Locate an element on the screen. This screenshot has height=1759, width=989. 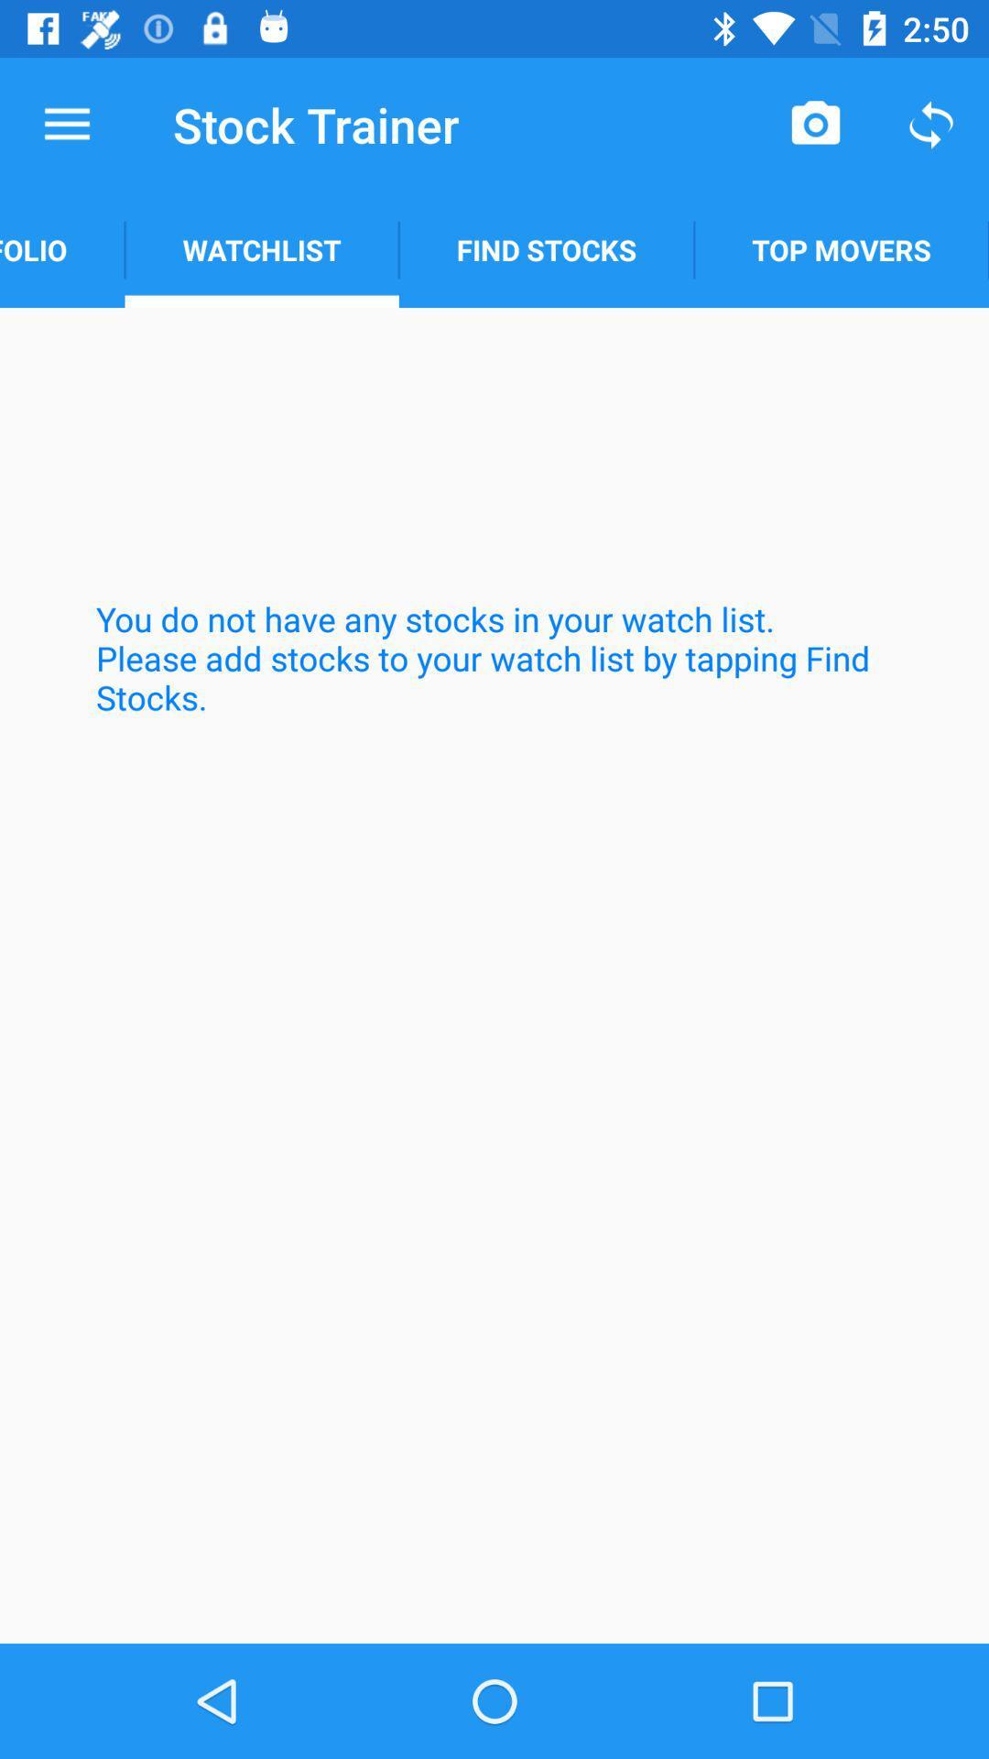
top movers item is located at coordinates (842, 249).